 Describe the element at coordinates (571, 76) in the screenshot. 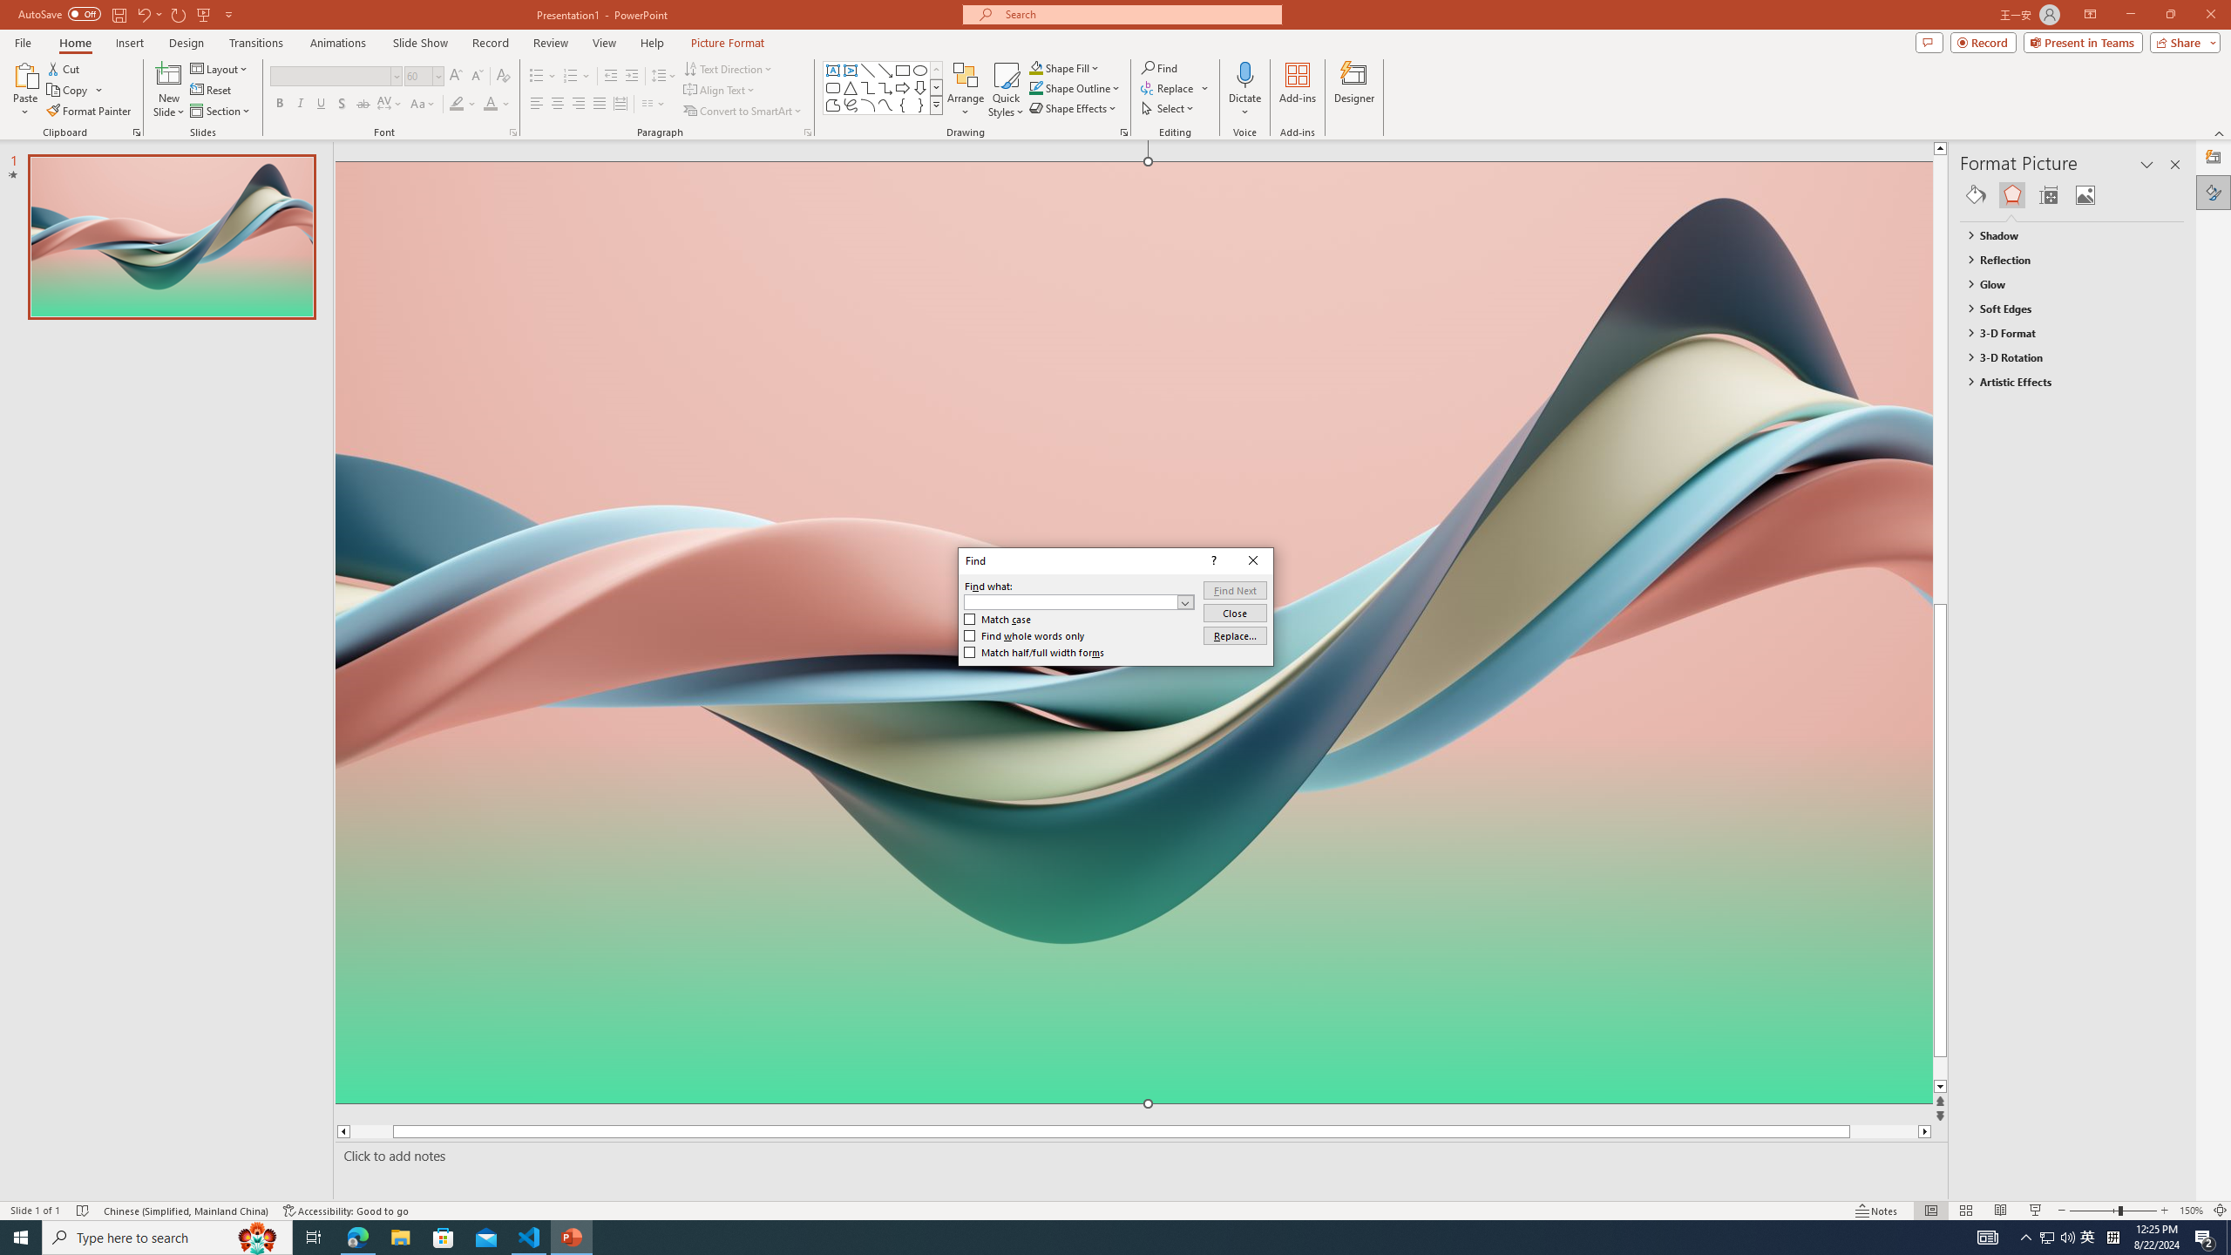

I see `'Numbering'` at that location.